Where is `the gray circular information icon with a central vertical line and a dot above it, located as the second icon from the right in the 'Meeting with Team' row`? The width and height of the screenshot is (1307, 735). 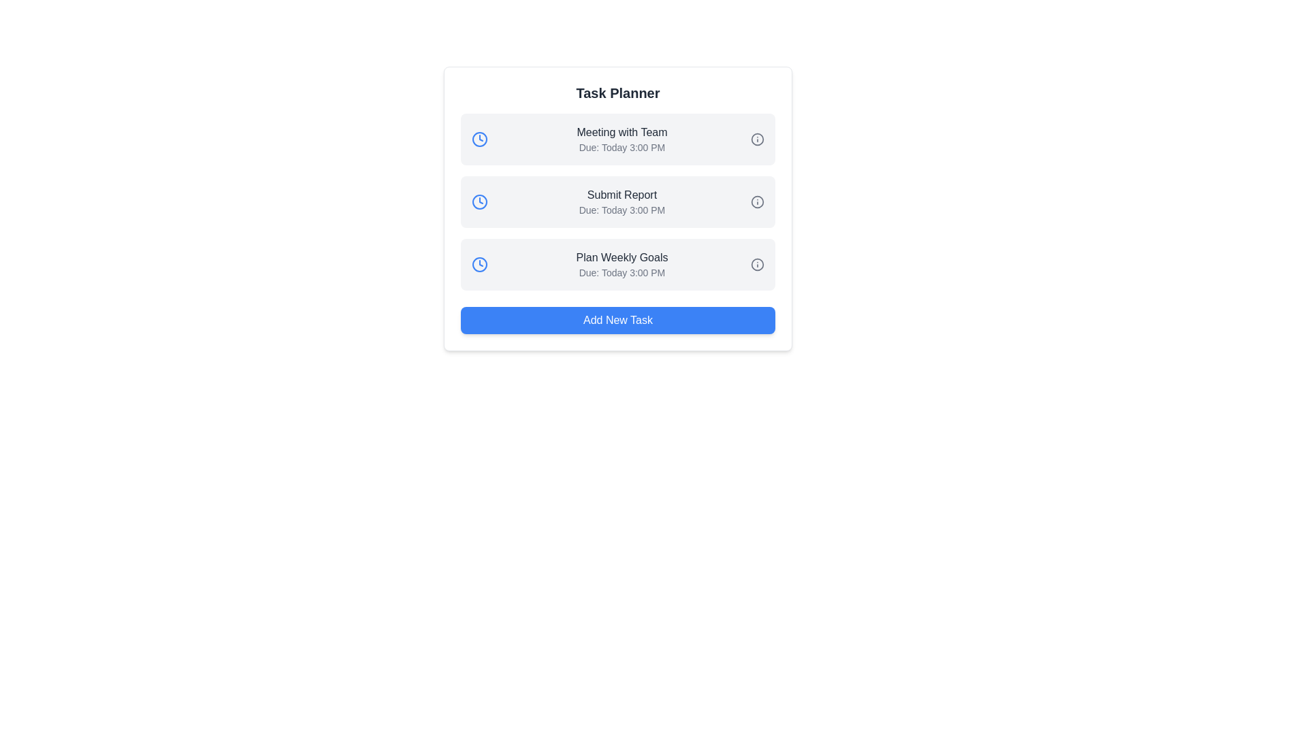
the gray circular information icon with a central vertical line and a dot above it, located as the second icon from the right in the 'Meeting with Team' row is located at coordinates (757, 139).